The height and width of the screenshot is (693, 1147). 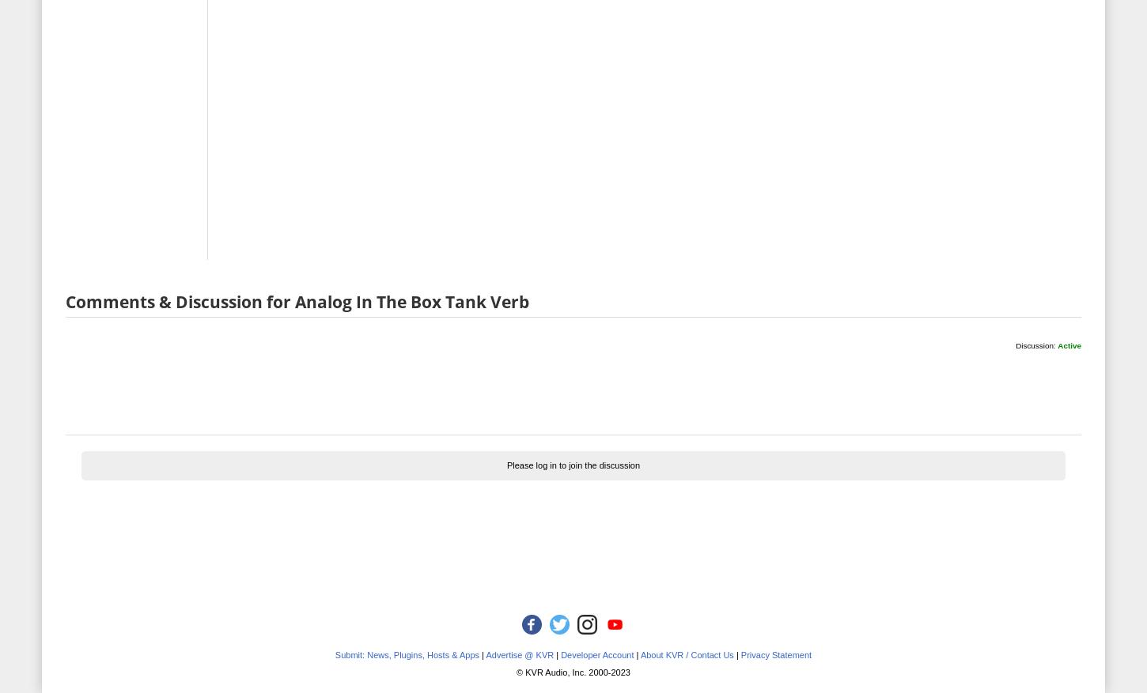 I want to click on 'Advertise @ KVR', so click(x=484, y=653).